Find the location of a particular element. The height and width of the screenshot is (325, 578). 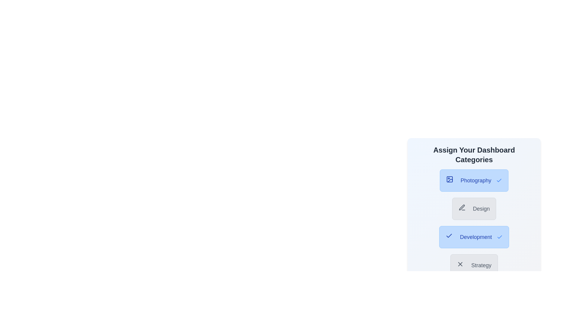

the category button labeled 'Design' to observe the hover effect is located at coordinates (474, 209).